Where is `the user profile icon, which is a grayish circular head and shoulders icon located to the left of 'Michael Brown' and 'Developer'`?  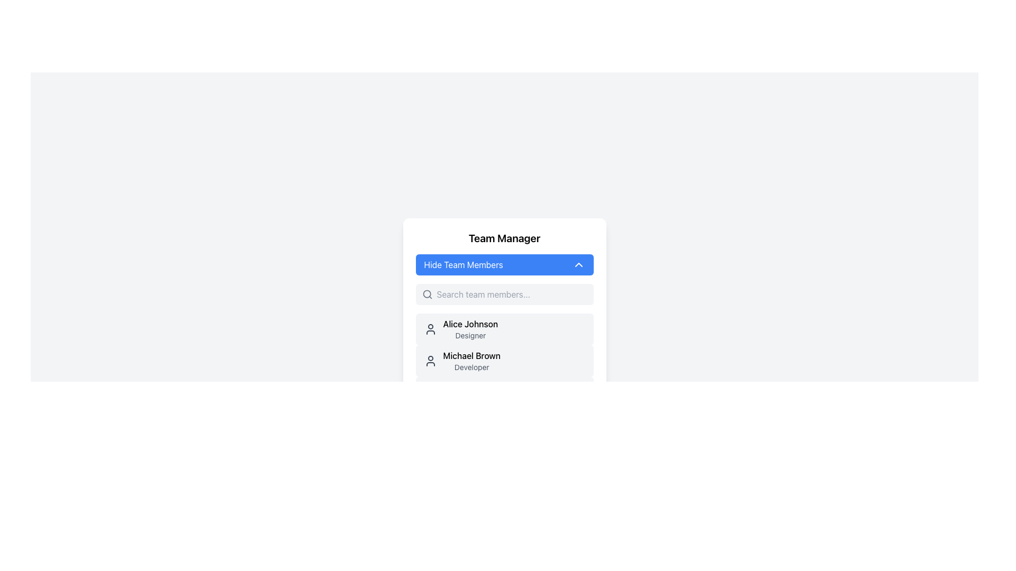 the user profile icon, which is a grayish circular head and shoulders icon located to the left of 'Michael Brown' and 'Developer' is located at coordinates (430, 360).